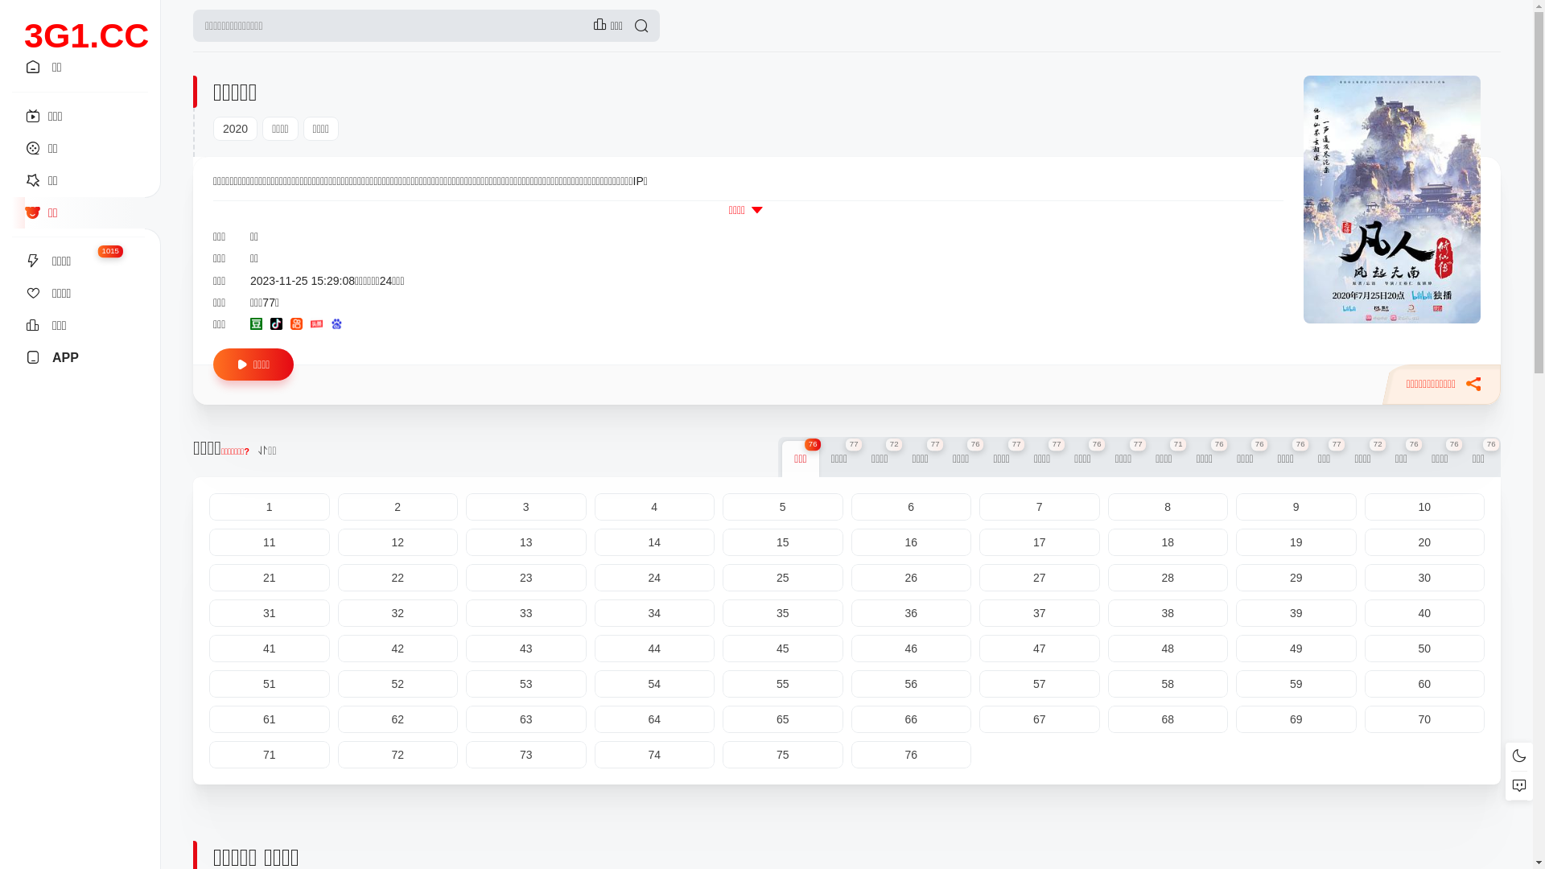 The image size is (1545, 869). What do you see at coordinates (208, 613) in the screenshot?
I see `'31'` at bounding box center [208, 613].